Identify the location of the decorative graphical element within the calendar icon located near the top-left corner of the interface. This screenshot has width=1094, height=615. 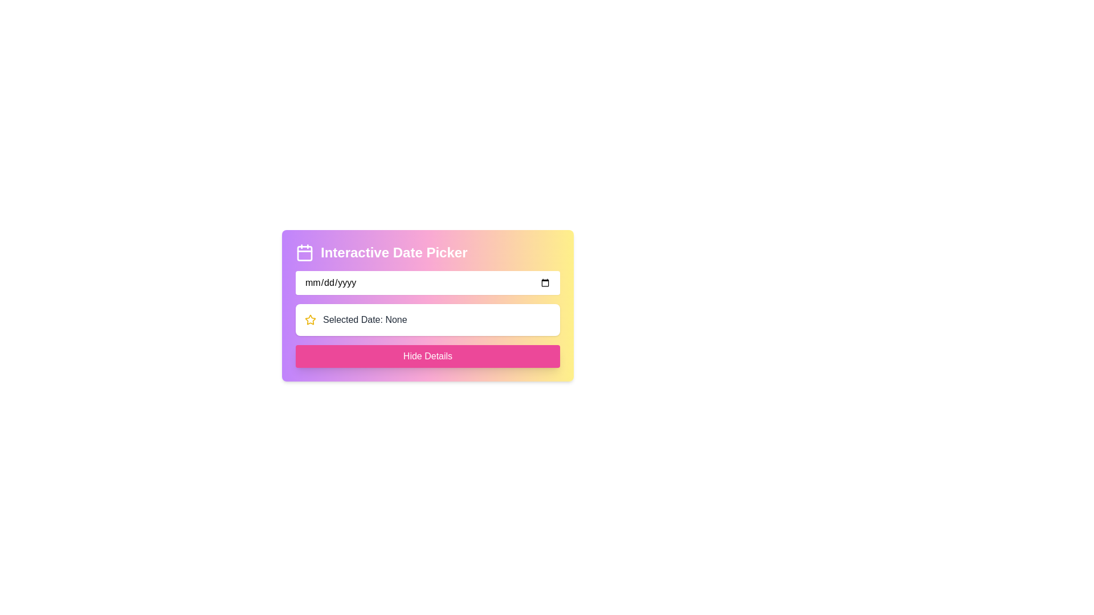
(304, 252).